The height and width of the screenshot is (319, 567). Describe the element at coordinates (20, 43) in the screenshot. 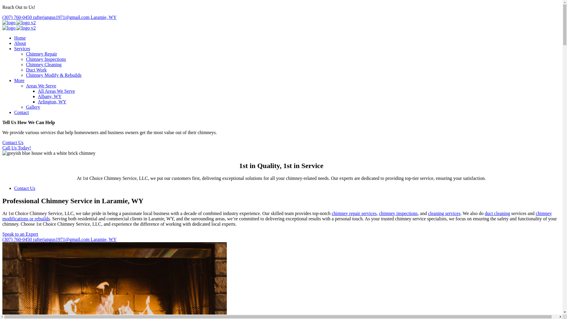

I see `'About'` at that location.